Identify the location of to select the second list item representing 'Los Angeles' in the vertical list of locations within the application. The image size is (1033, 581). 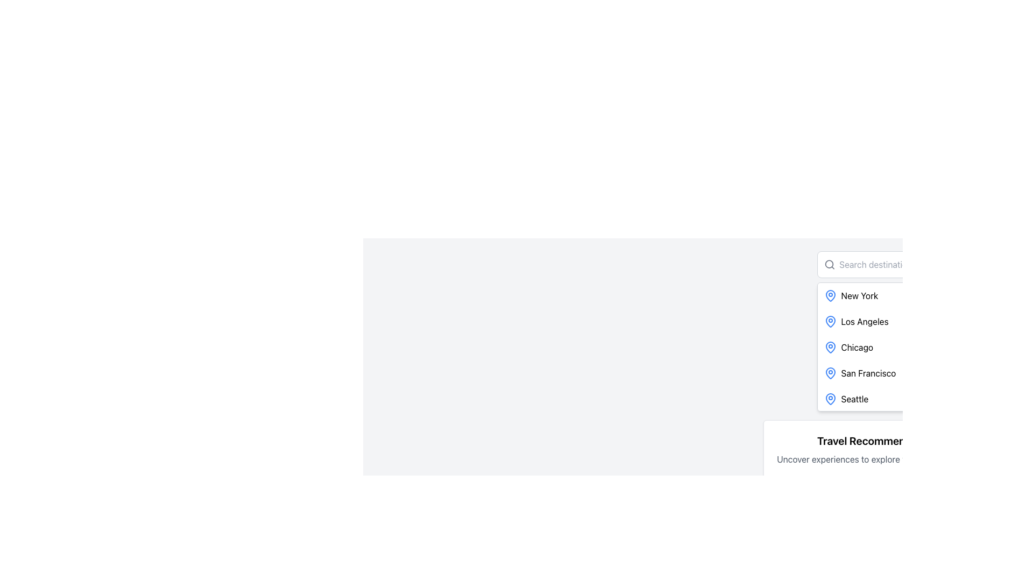
(880, 321).